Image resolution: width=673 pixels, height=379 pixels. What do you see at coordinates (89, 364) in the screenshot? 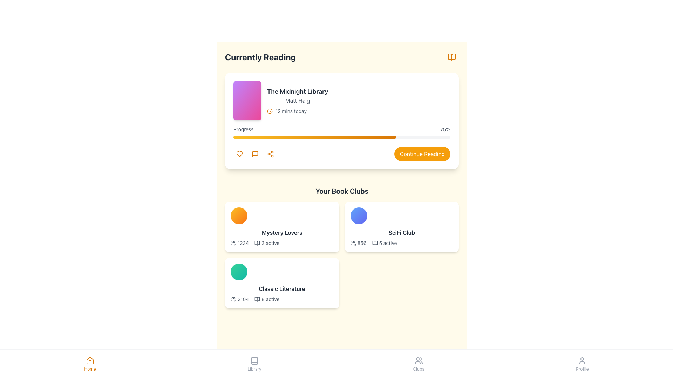
I see `the Navigation Button with the house icon and the text 'Home' to get feedback, which is styled in golden color and positioned as the leftmost item in the bottom navigation bar` at bounding box center [89, 364].